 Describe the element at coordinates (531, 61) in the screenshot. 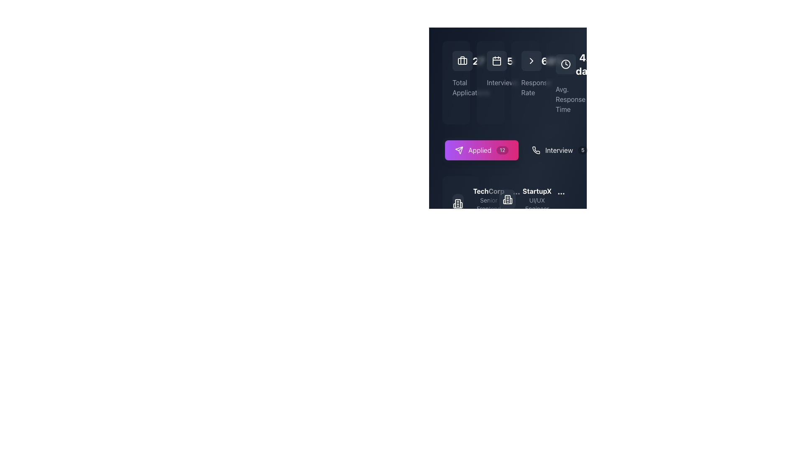

I see `the rightward-pointing chevron icon button, which is styled with a round stroke and is located within a dark rectangle on a horizontal toolbar` at that location.